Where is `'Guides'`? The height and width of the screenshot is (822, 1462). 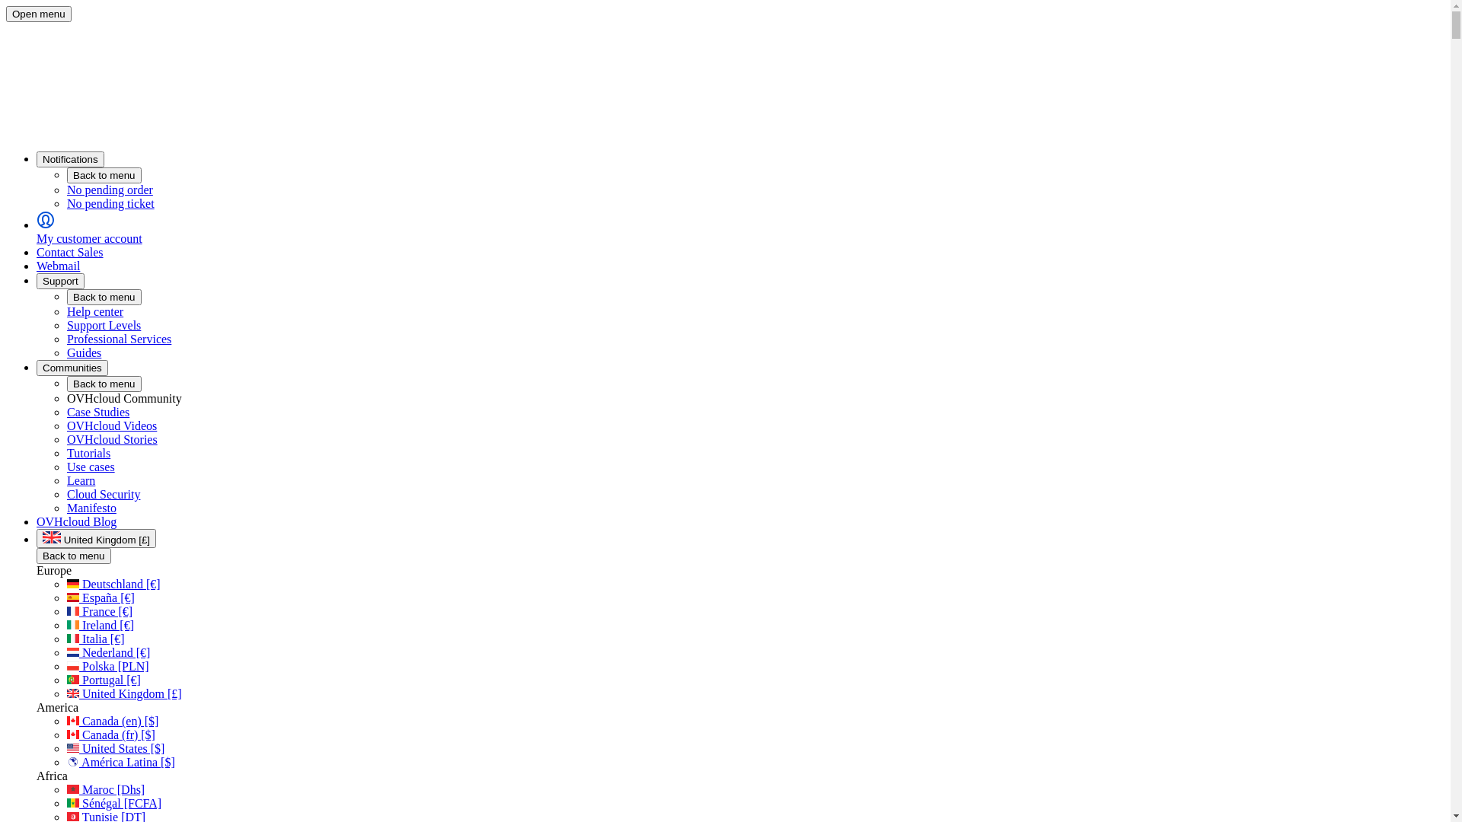 'Guides' is located at coordinates (65, 352).